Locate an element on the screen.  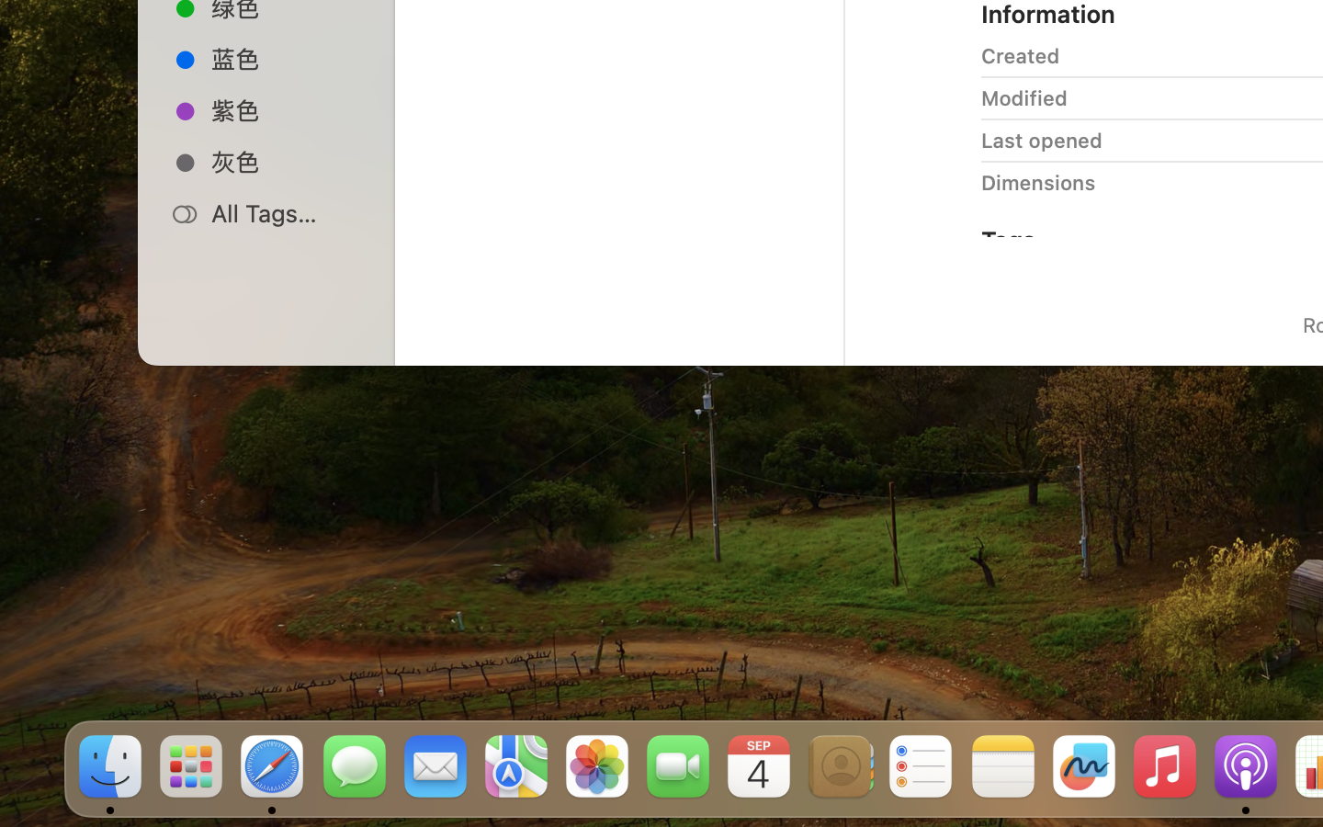
'All Tags…' is located at coordinates (286, 212).